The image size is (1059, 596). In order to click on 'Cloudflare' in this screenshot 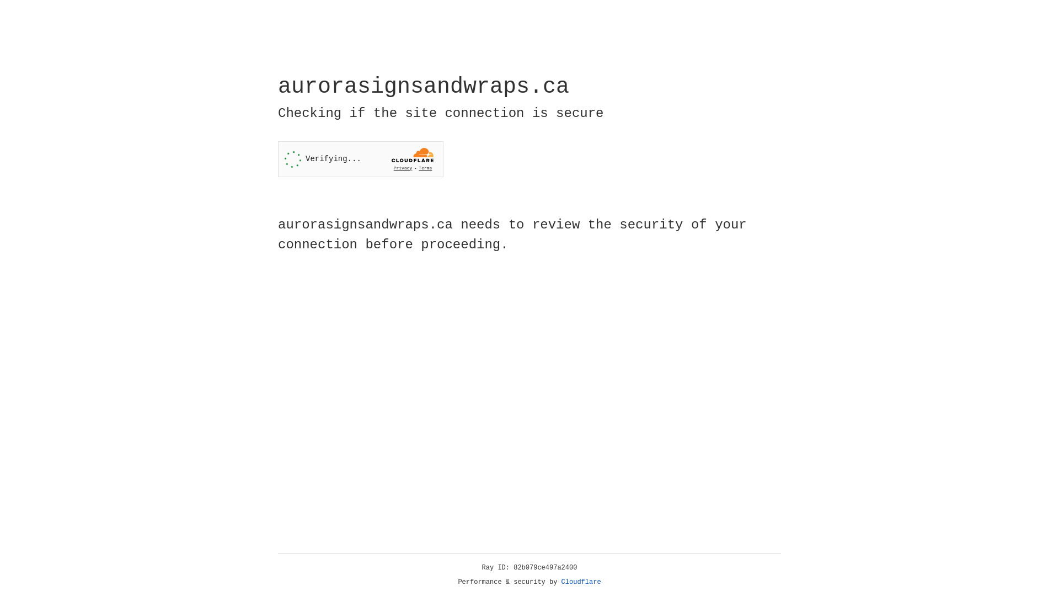, I will do `click(581, 582)`.